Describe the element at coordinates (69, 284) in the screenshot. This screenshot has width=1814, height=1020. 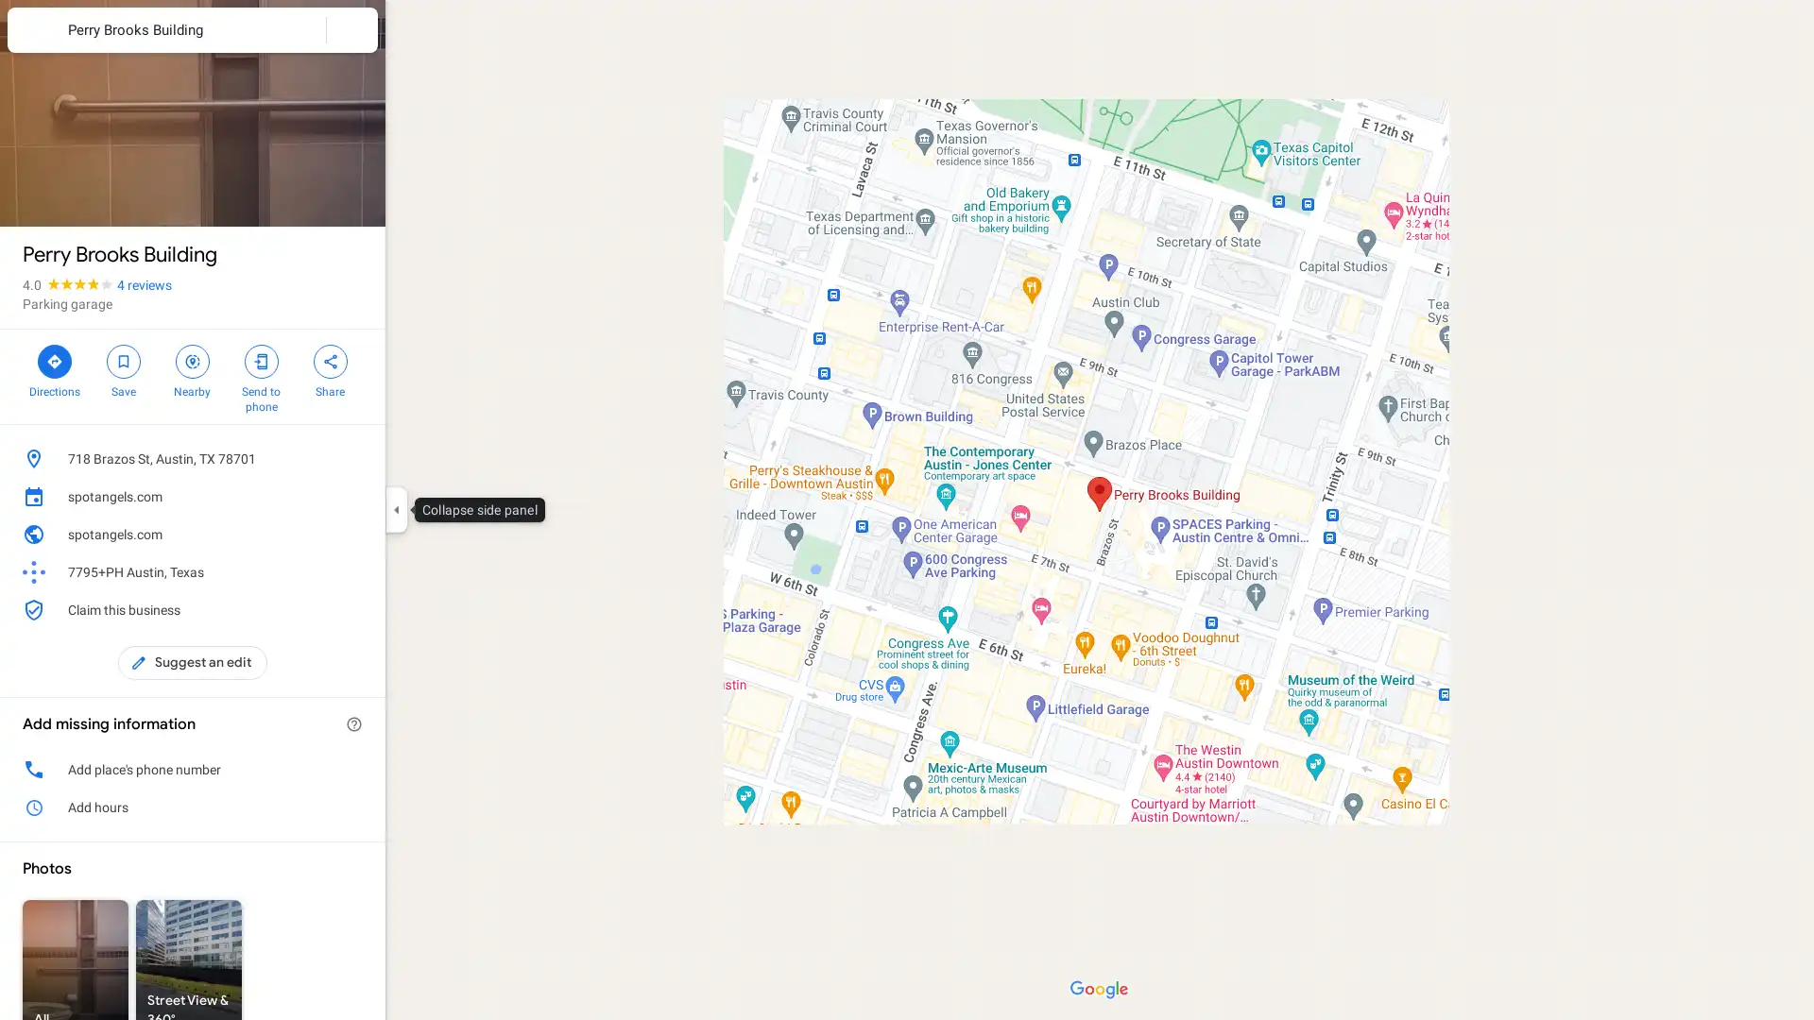
I see `4.0 stars` at that location.